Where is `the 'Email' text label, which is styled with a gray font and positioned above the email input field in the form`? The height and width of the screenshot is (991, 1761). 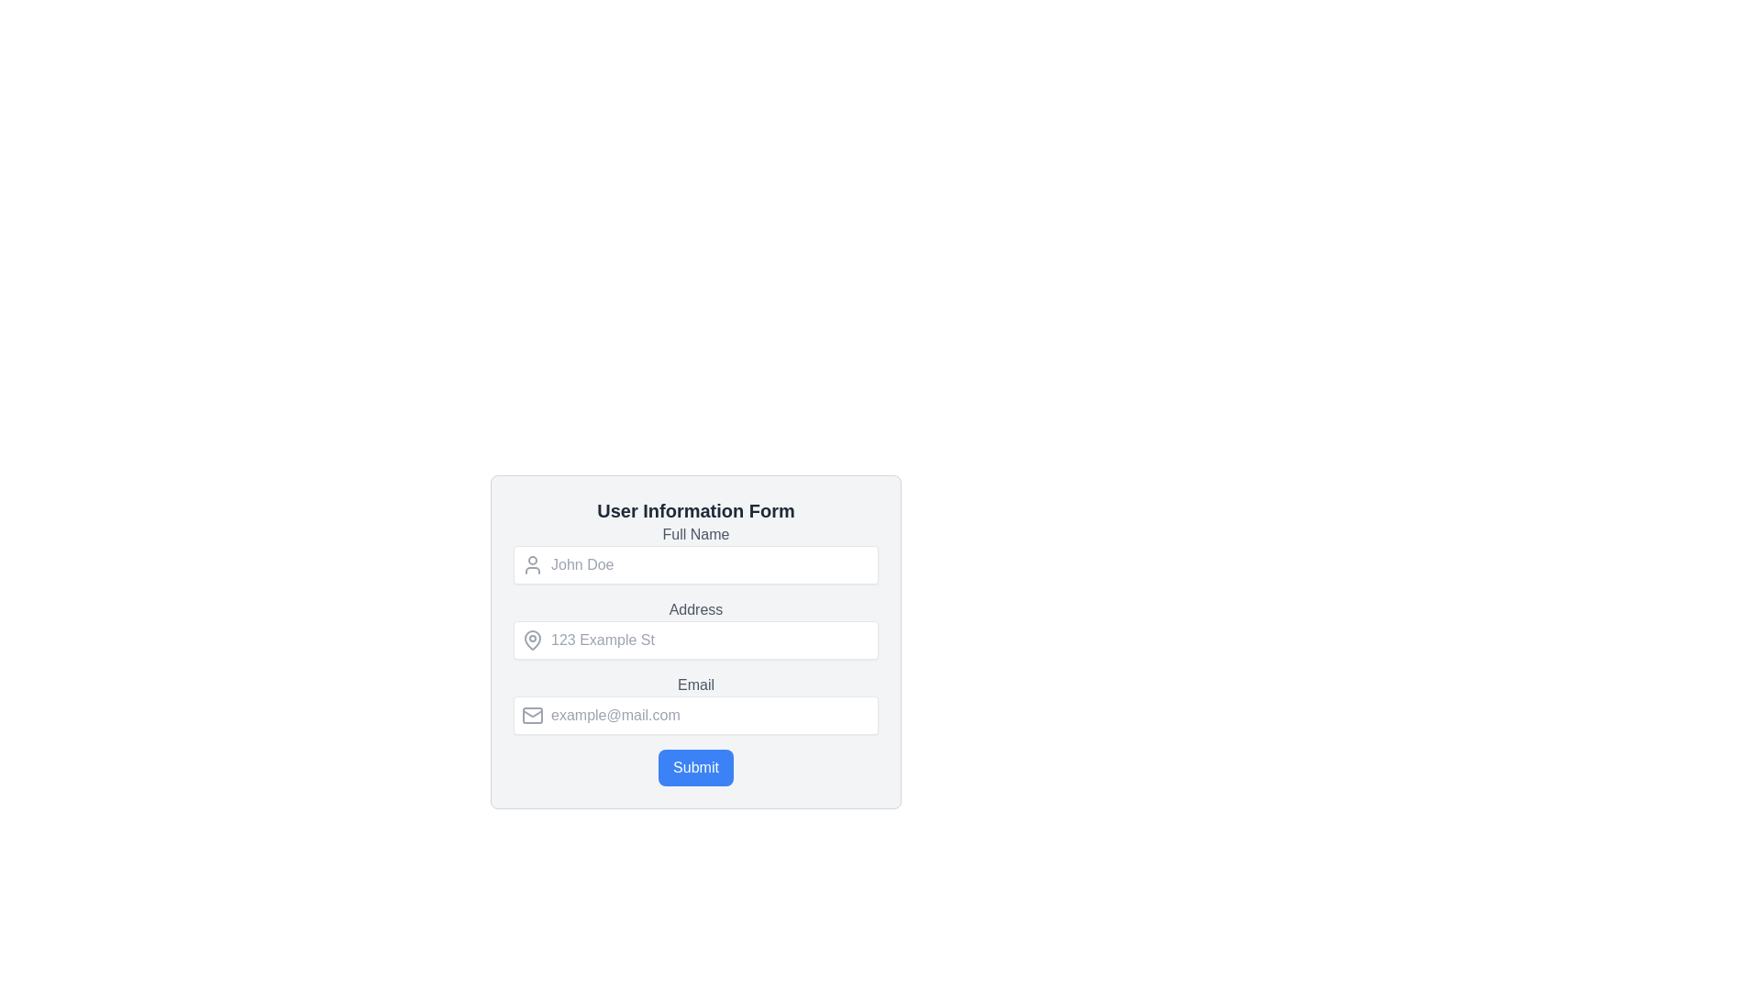 the 'Email' text label, which is styled with a gray font and positioned above the email input field in the form is located at coordinates (694, 685).